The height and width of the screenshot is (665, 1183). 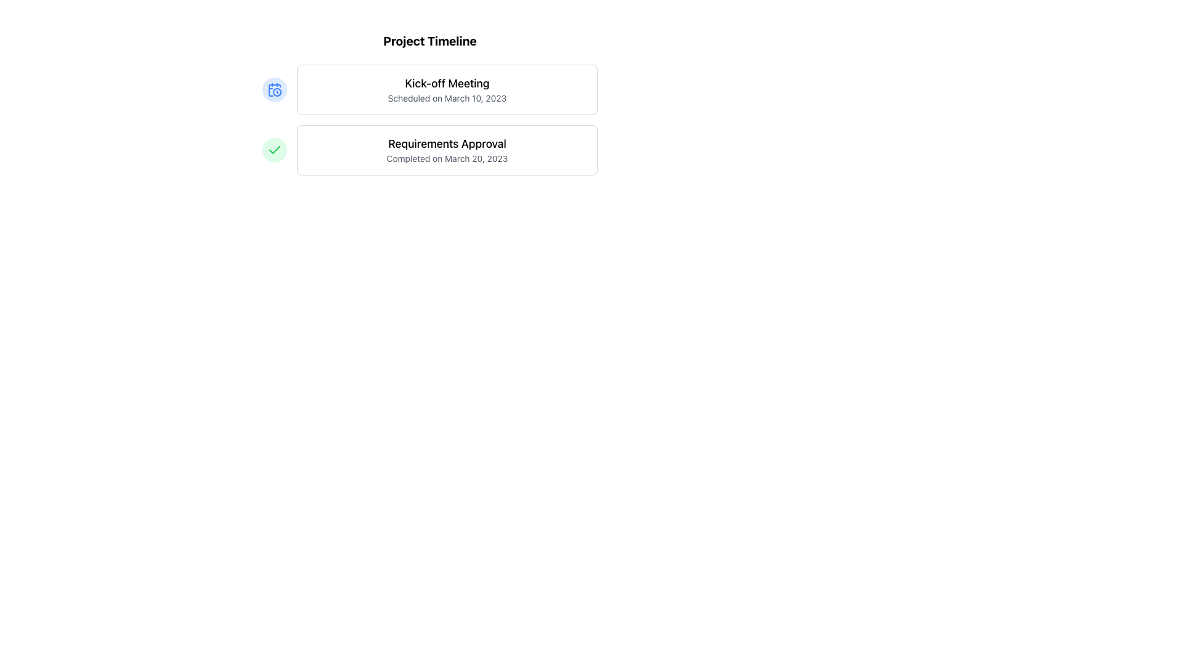 I want to click on the Informational card displaying 'Kick-off Meeting' and 'Scheduled on March 10, 2023' in the 'Project Timeline' interface, so click(x=446, y=89).